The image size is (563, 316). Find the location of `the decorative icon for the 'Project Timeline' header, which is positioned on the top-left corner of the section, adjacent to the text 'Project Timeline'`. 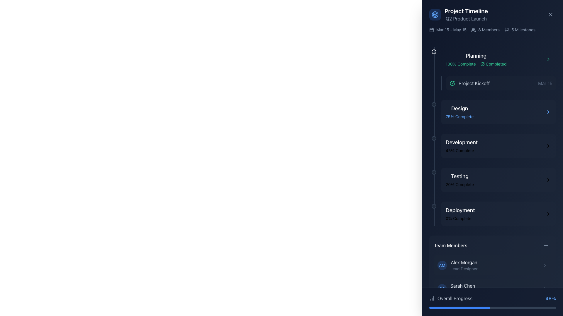

the decorative icon for the 'Project Timeline' header, which is positioned on the top-left corner of the section, adjacent to the text 'Project Timeline' is located at coordinates (435, 14).